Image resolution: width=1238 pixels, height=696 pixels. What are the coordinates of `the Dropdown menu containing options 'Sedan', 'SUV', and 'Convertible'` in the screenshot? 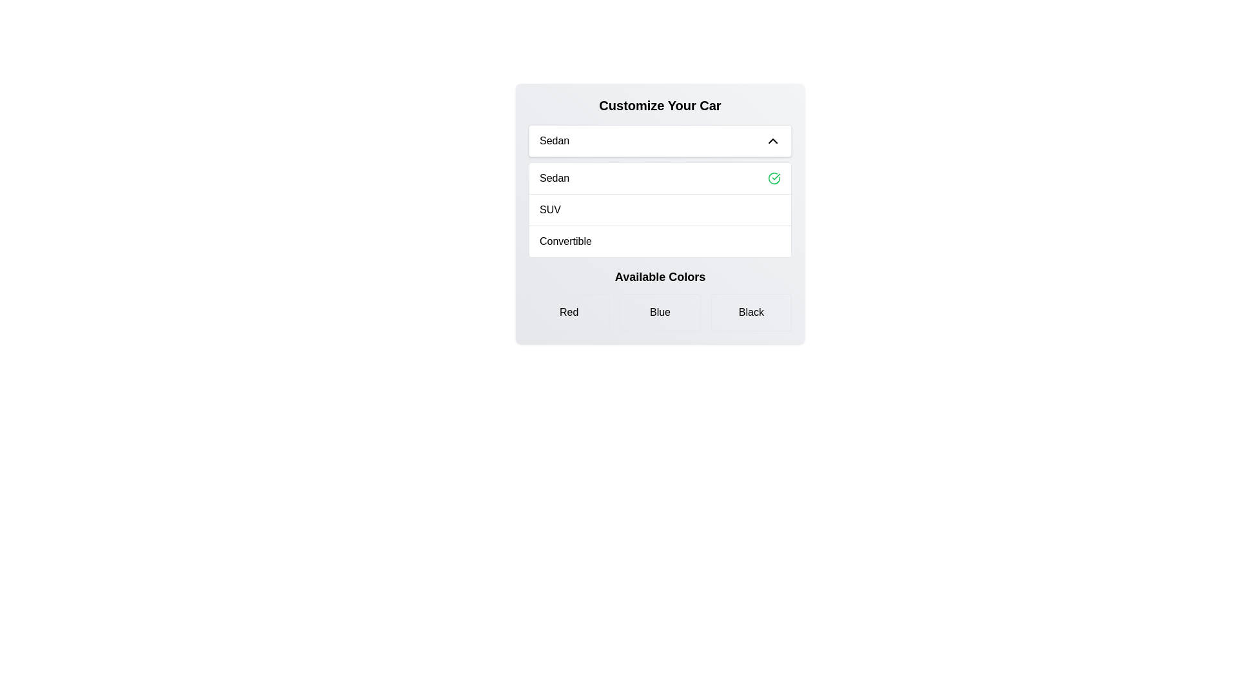 It's located at (660, 209).